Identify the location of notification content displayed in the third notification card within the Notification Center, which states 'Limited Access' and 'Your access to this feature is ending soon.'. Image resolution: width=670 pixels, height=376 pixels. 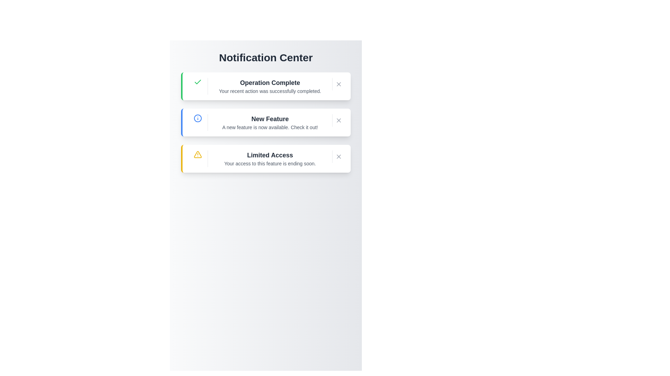
(269, 158).